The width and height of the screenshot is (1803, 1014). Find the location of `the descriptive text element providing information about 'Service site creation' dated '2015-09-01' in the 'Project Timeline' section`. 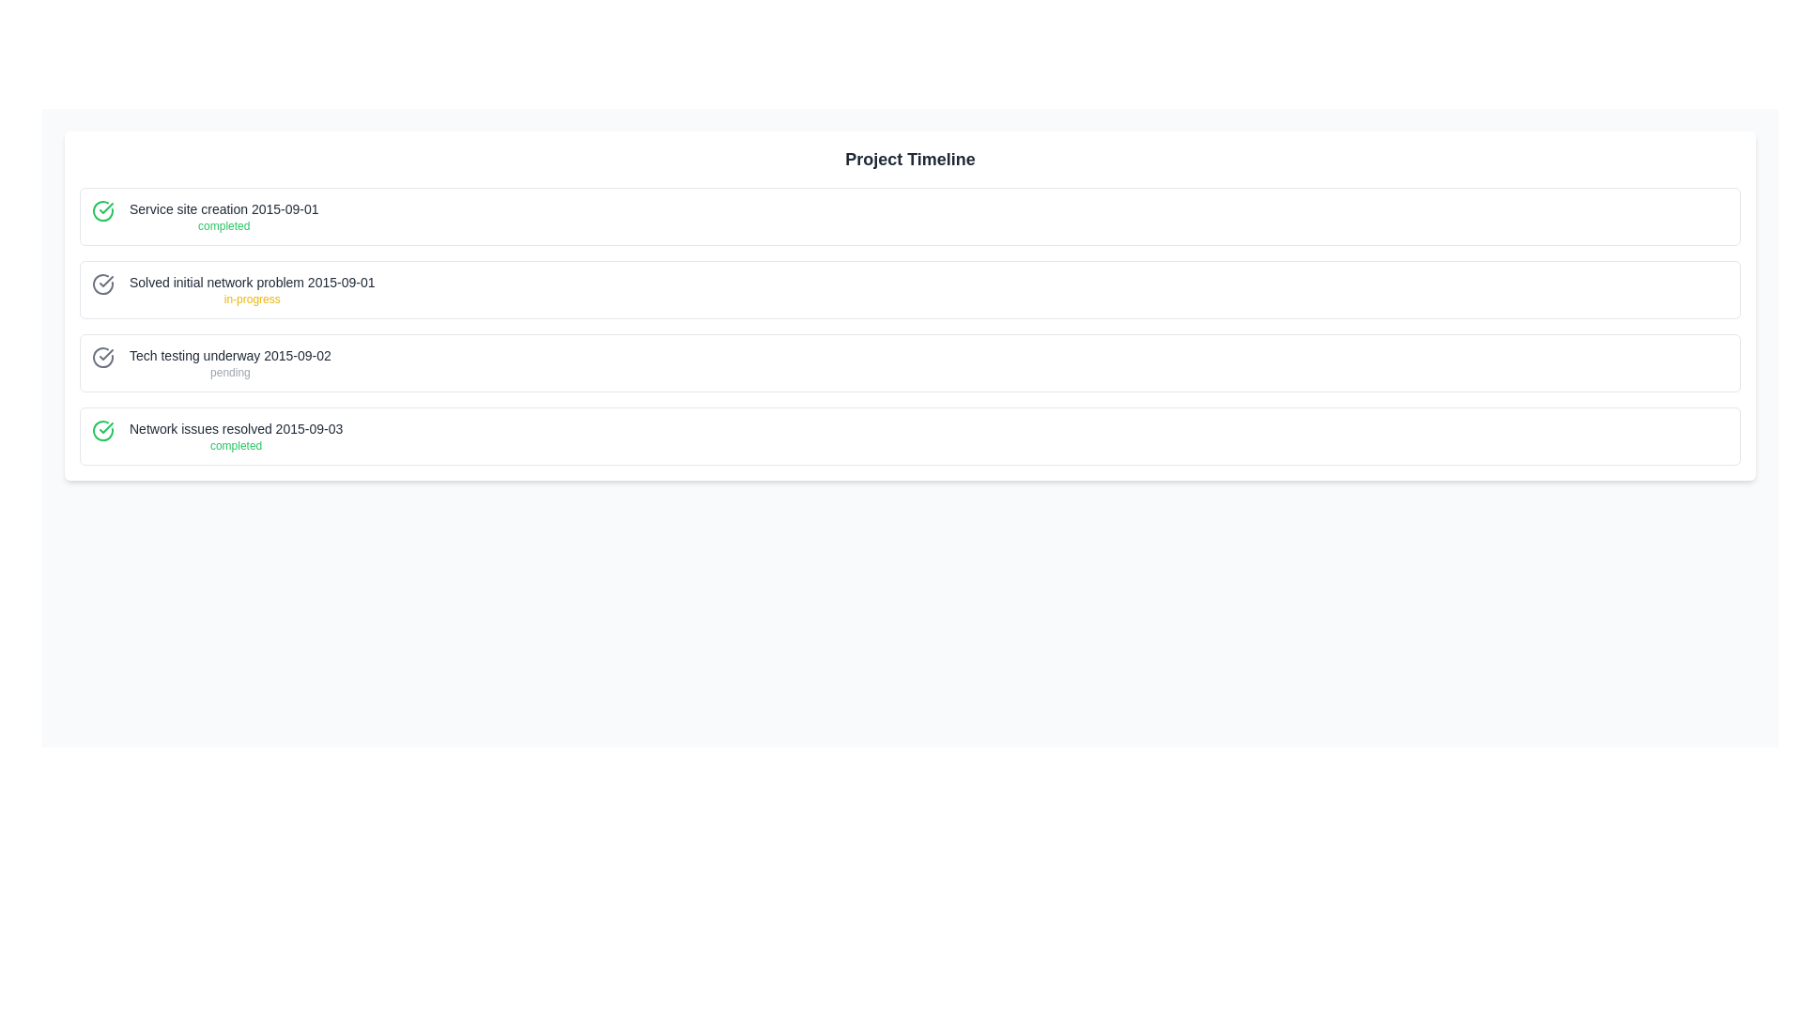

the descriptive text element providing information about 'Service site creation' dated '2015-09-01' in the 'Project Timeline' section is located at coordinates (223, 209).